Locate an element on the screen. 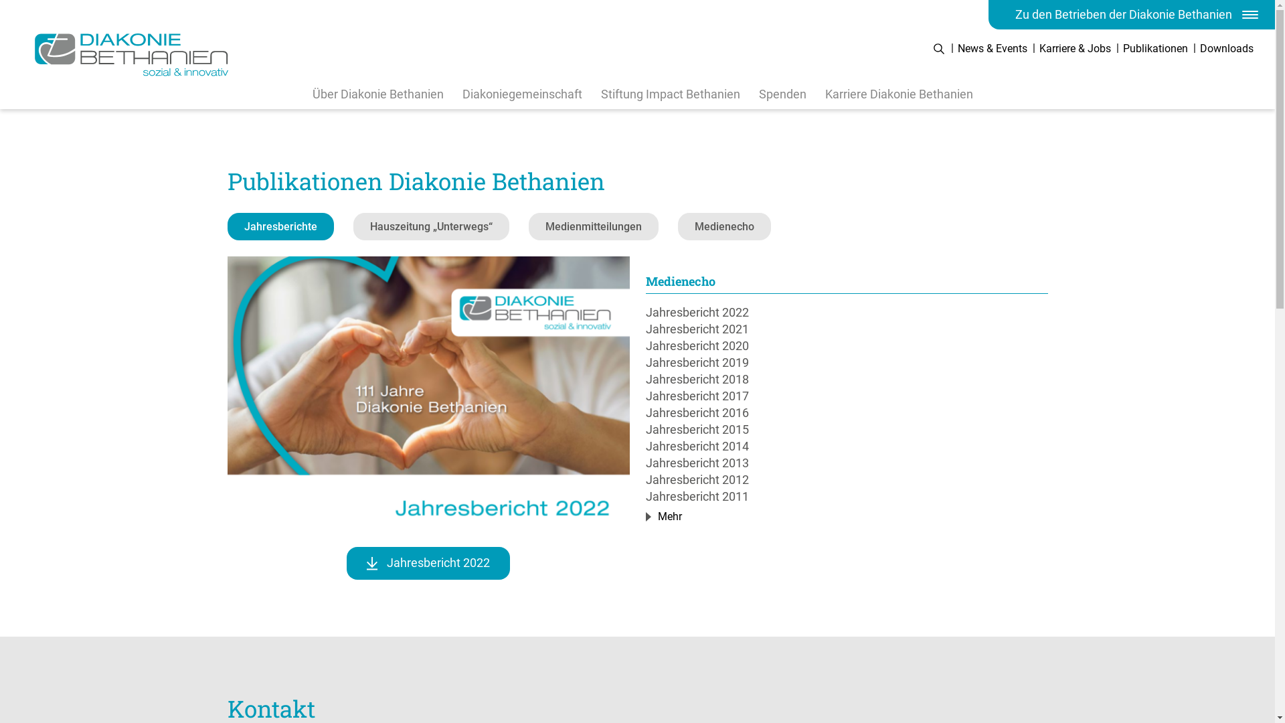  'Spenden' is located at coordinates (782, 93).